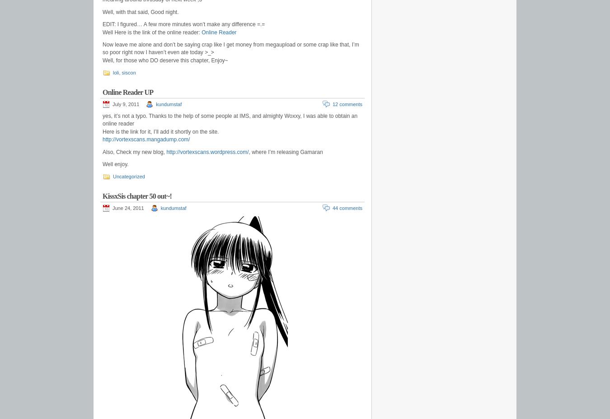  I want to click on 'Online Reader UP', so click(127, 92).